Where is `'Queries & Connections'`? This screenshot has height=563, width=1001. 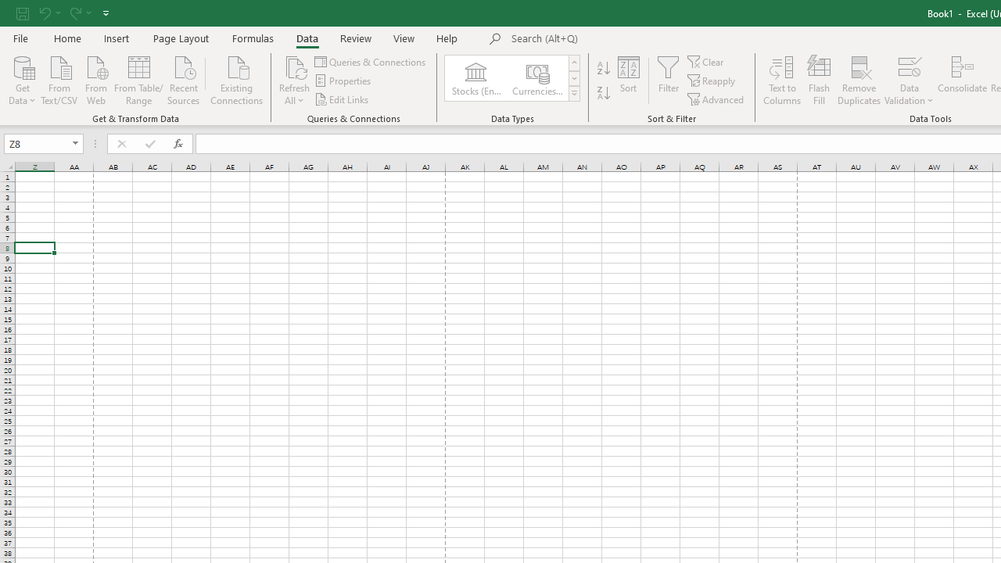
'Queries & Connections' is located at coordinates (370, 61).